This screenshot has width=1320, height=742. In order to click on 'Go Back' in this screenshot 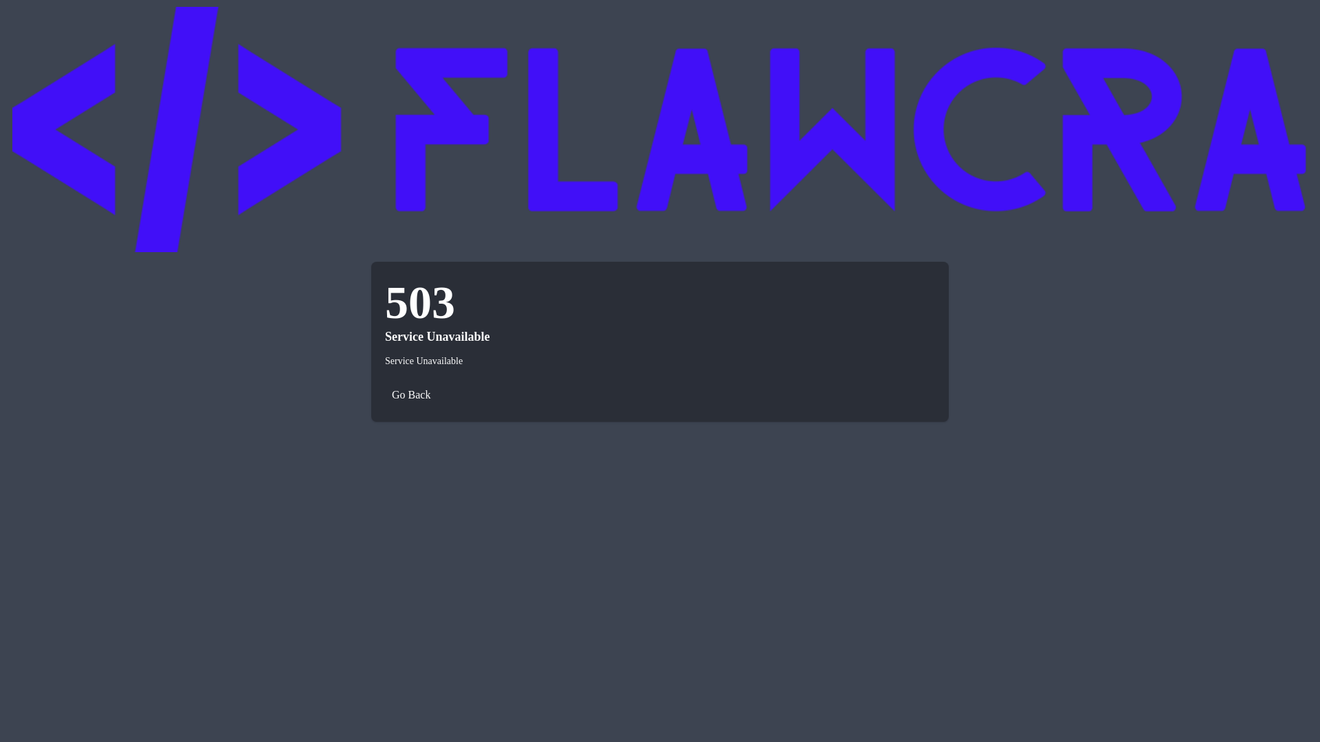, I will do `click(410, 394)`.